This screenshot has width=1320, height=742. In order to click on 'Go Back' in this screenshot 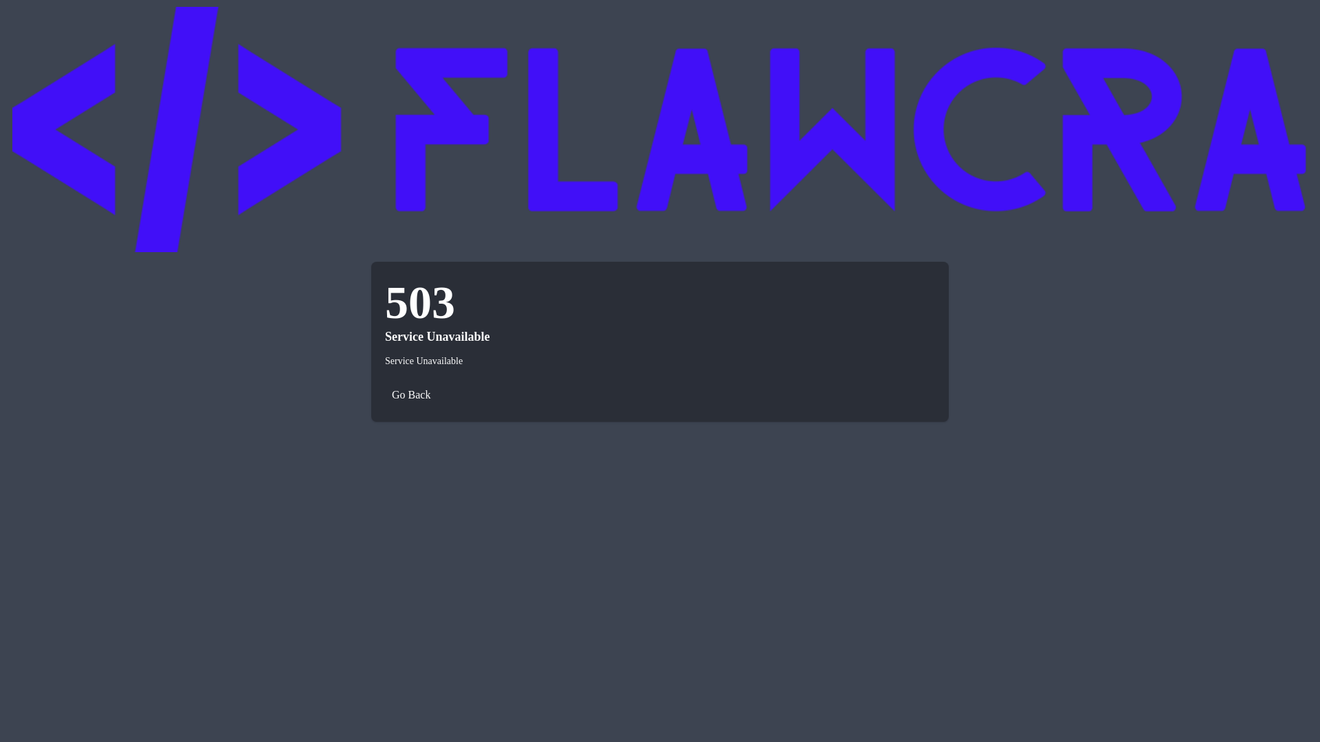, I will do `click(410, 394)`.